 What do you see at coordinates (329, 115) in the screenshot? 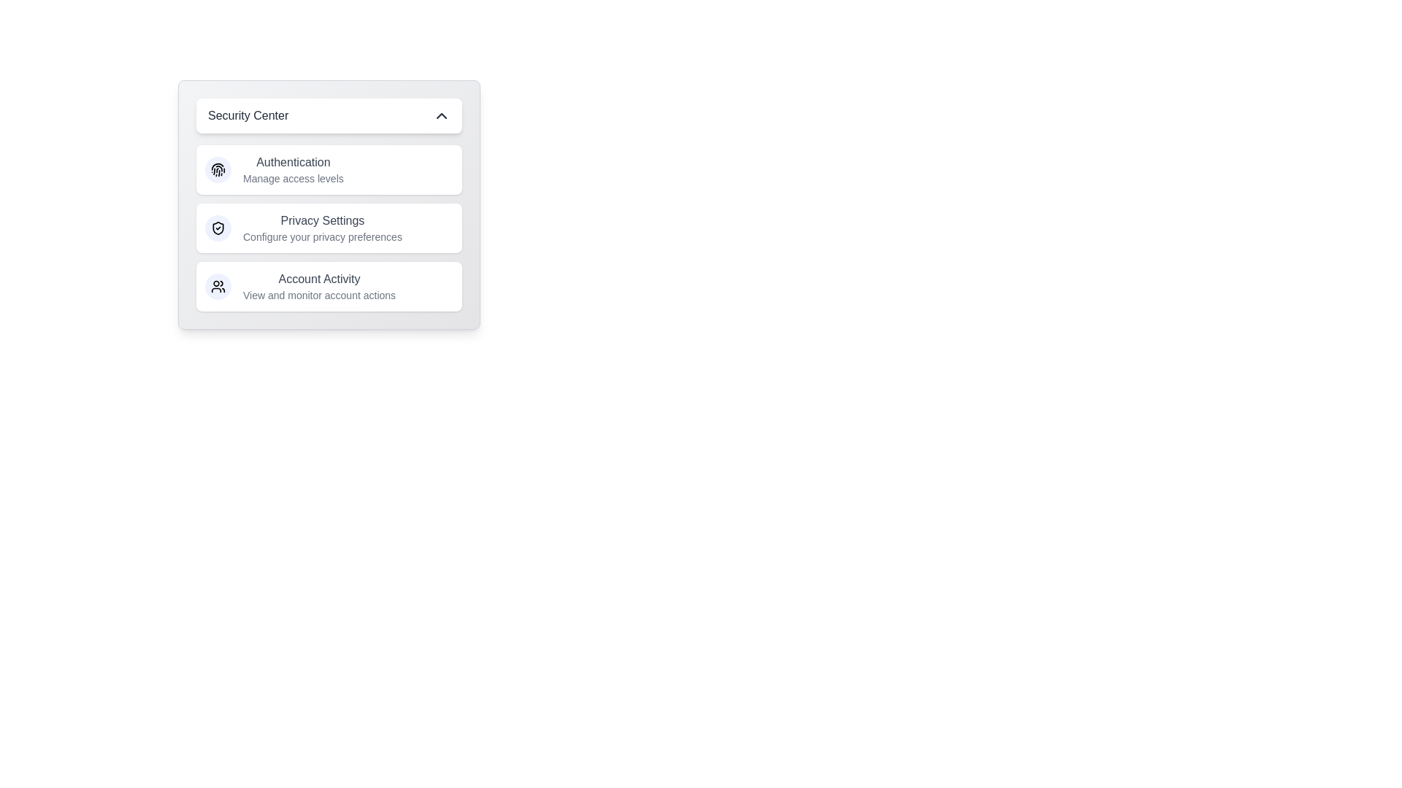
I see `the 'Security Center' button to toggle the menu visibility` at bounding box center [329, 115].